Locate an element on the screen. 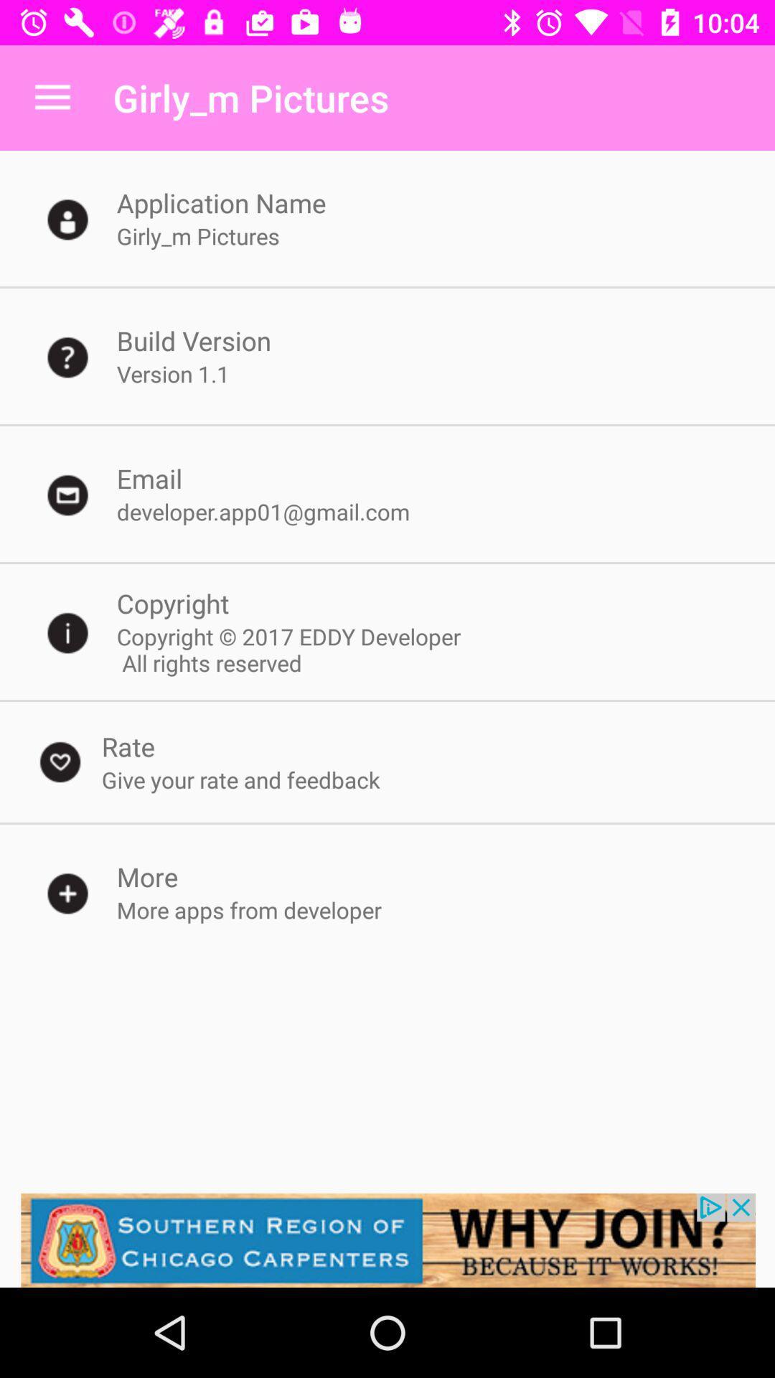 This screenshot has height=1378, width=775. advertisements website is located at coordinates (387, 1239).